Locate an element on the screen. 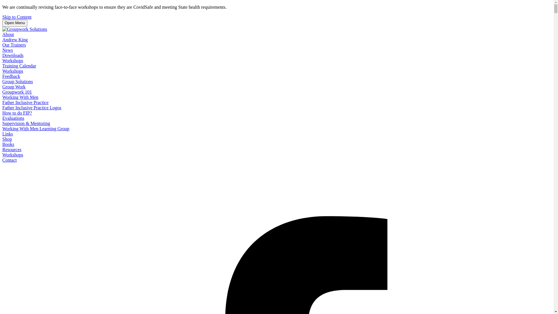 The width and height of the screenshot is (558, 314). 'Books' is located at coordinates (8, 144).